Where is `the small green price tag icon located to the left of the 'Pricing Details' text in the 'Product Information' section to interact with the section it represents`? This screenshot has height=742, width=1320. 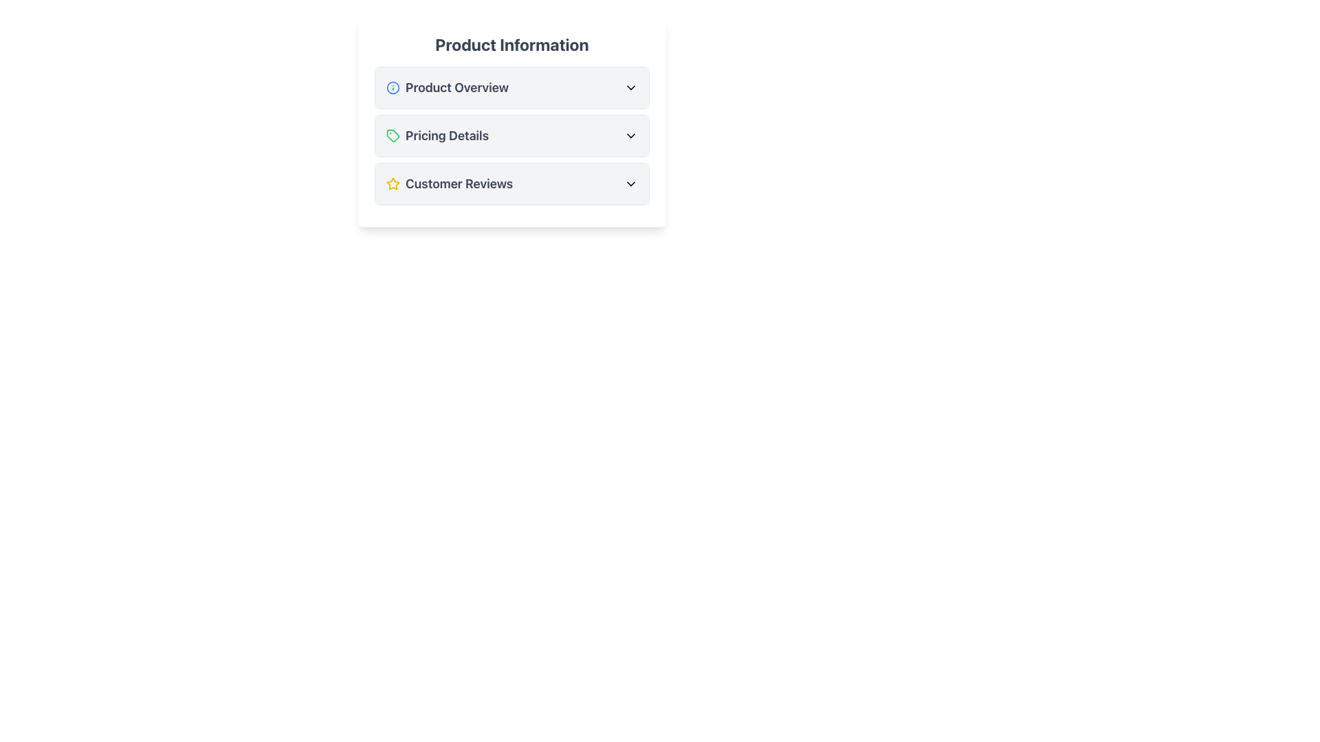 the small green price tag icon located to the left of the 'Pricing Details' text in the 'Product Information' section to interact with the section it represents is located at coordinates (392, 135).